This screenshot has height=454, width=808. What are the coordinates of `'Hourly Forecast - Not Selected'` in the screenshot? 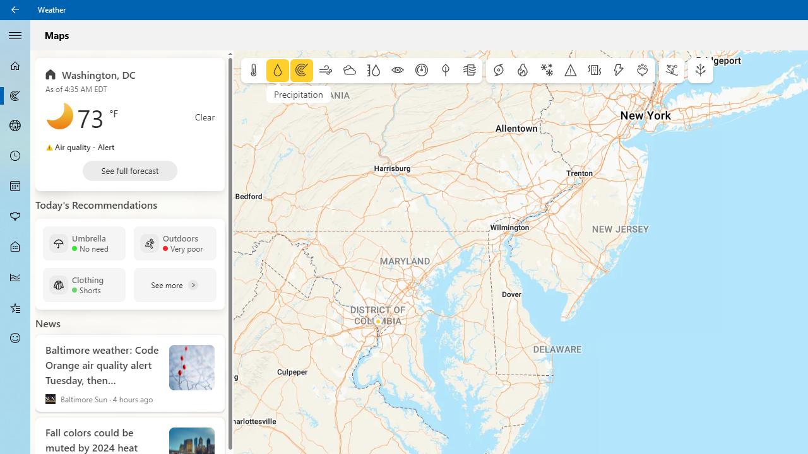 It's located at (15, 156).